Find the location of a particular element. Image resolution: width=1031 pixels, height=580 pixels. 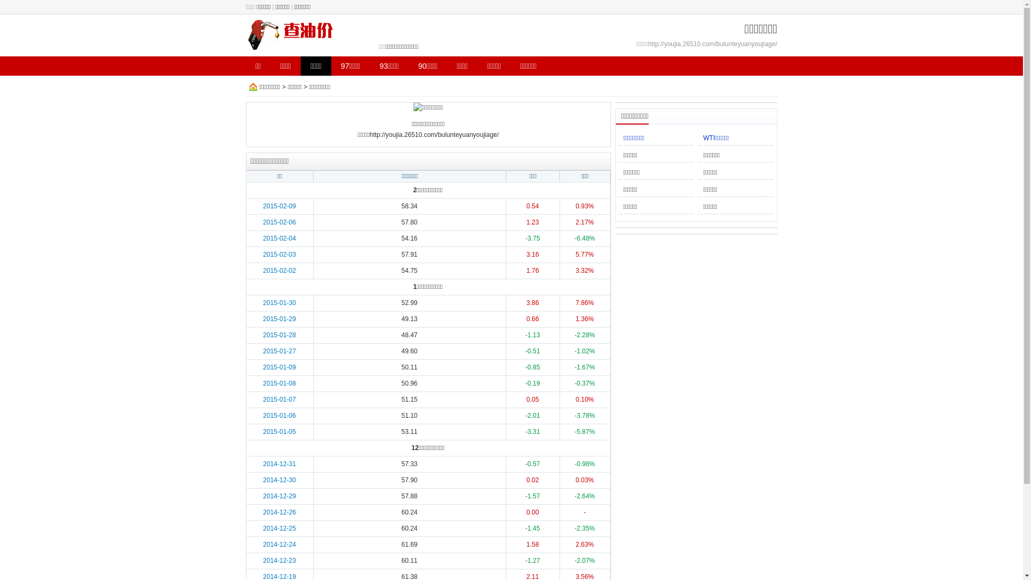

'2015-02-09' is located at coordinates (279, 206).